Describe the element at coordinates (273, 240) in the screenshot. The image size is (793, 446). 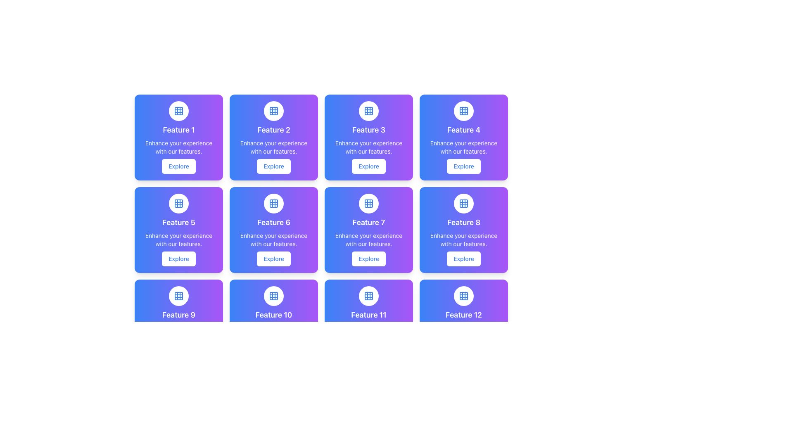
I see `the descriptive text located in the sixth card labeled 'Feature 6', positioned below the heading 'Feature 6' and above the 'Explore' button` at that location.